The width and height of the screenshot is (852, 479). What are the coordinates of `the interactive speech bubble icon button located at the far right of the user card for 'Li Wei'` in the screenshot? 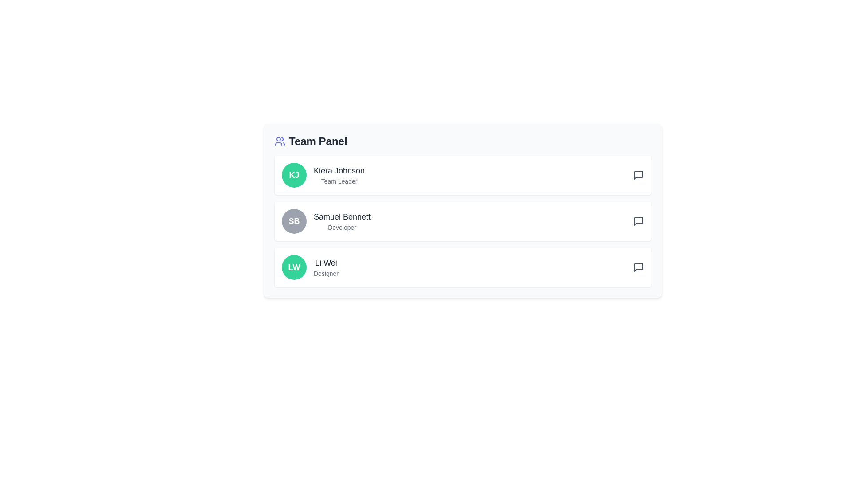 It's located at (638, 267).